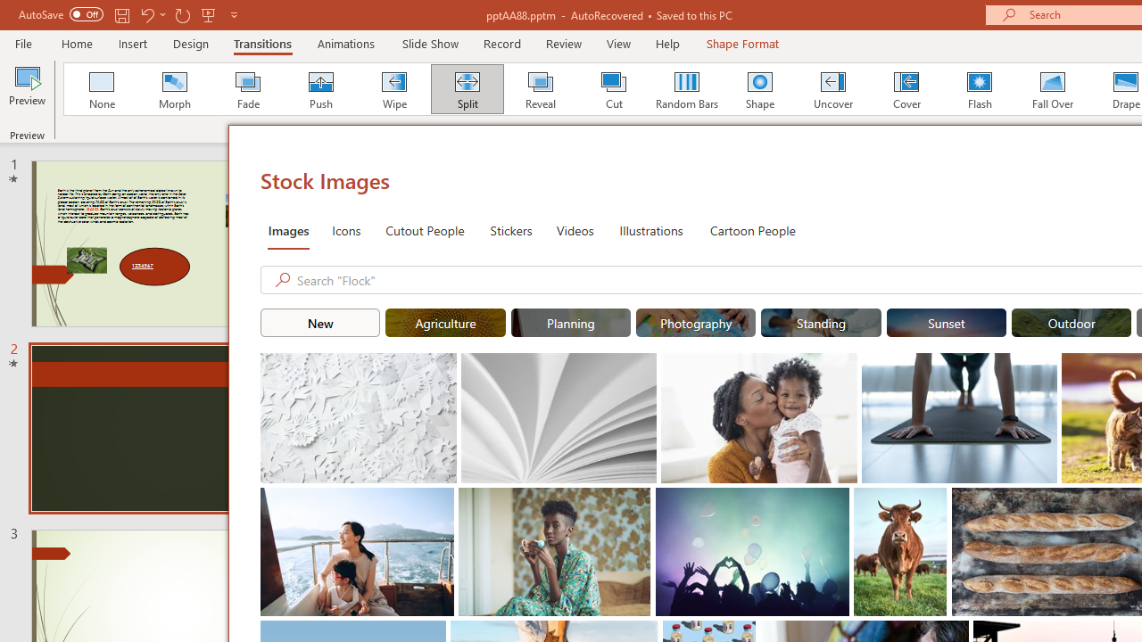 Image resolution: width=1142 pixels, height=642 pixels. Describe the element at coordinates (752, 229) in the screenshot. I see `'Cartoon People'` at that location.